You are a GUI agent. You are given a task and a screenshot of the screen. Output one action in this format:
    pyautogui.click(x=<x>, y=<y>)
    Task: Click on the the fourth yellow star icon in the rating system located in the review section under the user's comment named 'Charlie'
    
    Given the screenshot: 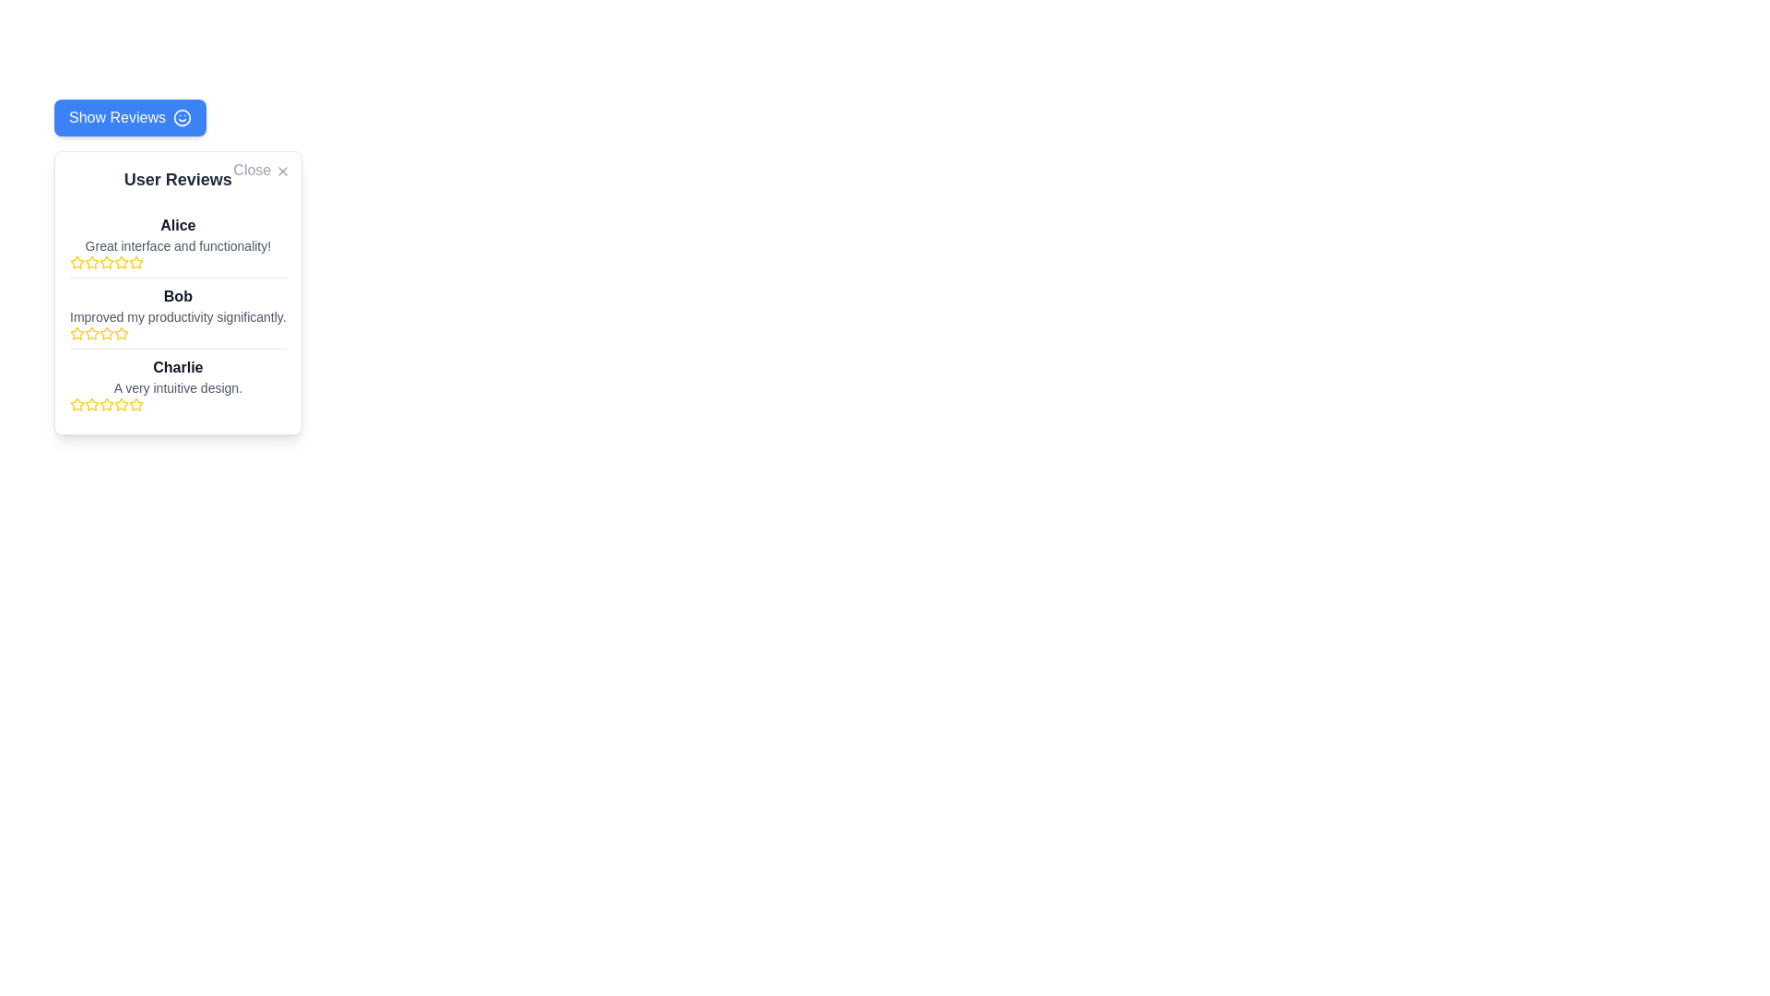 What is the action you would take?
    pyautogui.click(x=121, y=403)
    